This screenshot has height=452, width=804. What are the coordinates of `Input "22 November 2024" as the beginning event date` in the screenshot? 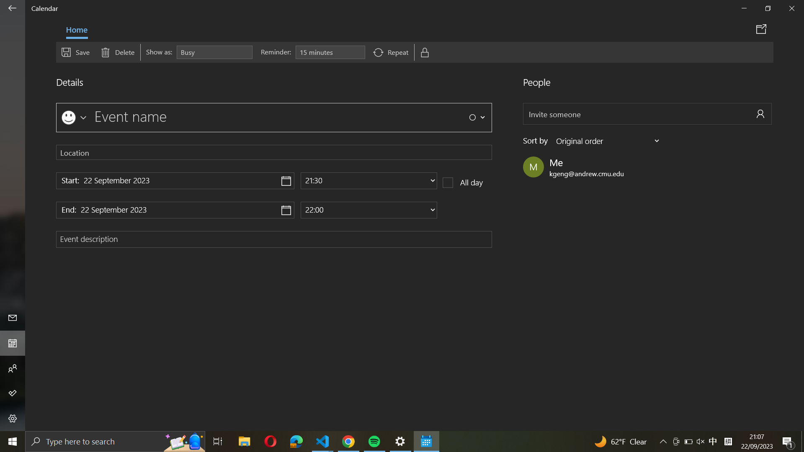 It's located at (175, 180).